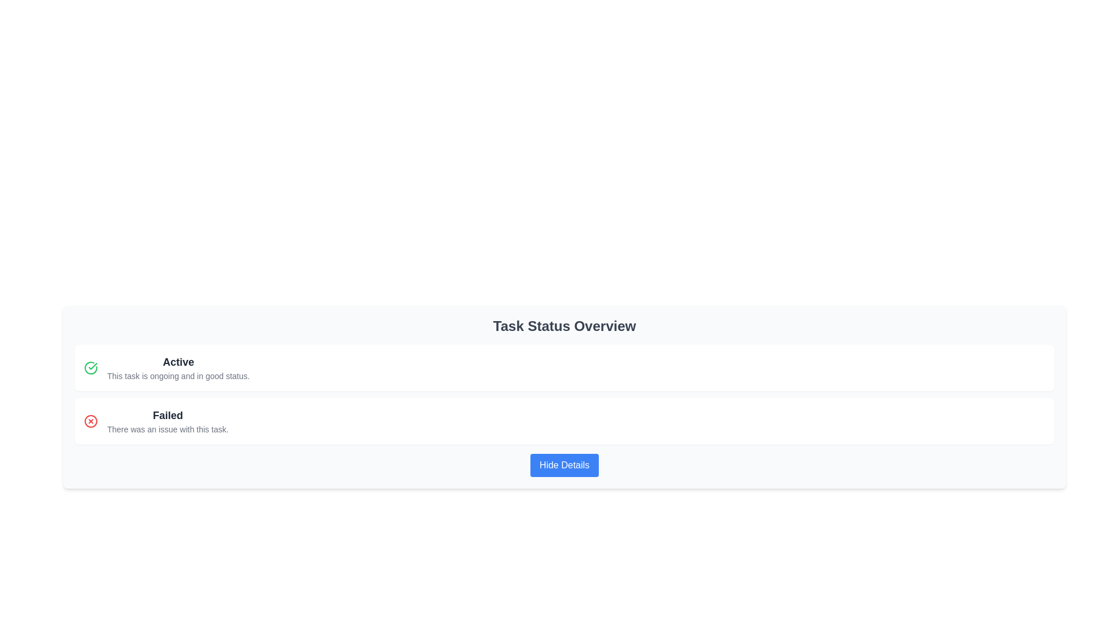  I want to click on text content of the Text Label located immediately underneath the 'Failed' heading, which provides additional details regarding the task's status in a failure scenario, so click(167, 429).